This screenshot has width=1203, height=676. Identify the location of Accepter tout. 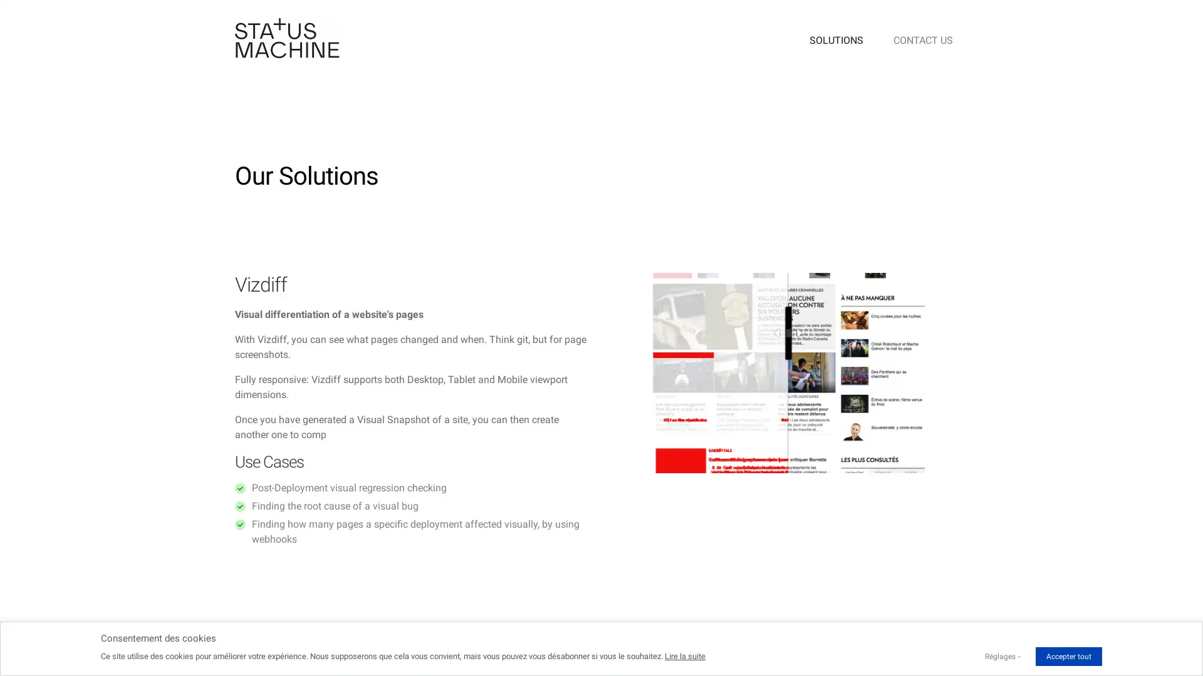
(1068, 656).